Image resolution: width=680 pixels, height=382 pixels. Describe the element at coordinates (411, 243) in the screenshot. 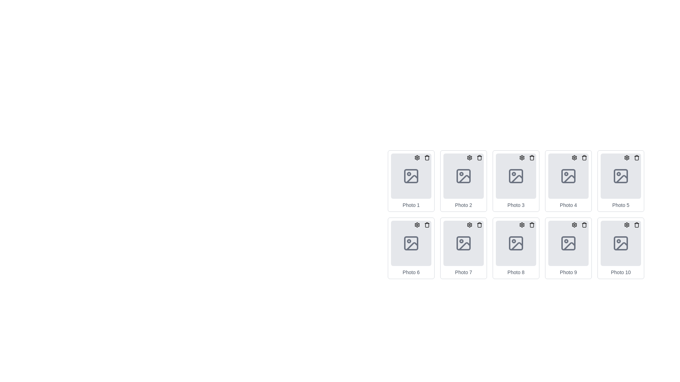

I see `the Image Placeholder located below the label 'Photo 6' in the second row, first column of the grid layout` at that location.